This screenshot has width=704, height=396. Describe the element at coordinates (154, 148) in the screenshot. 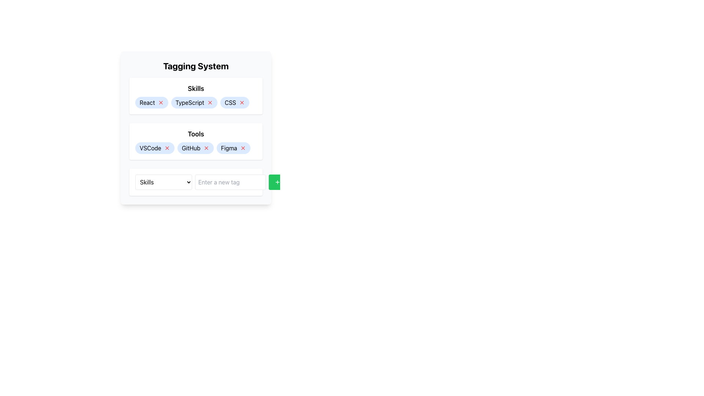

I see `the first tag with a remove button located in the 'Tools' section of the tagging interface` at that location.